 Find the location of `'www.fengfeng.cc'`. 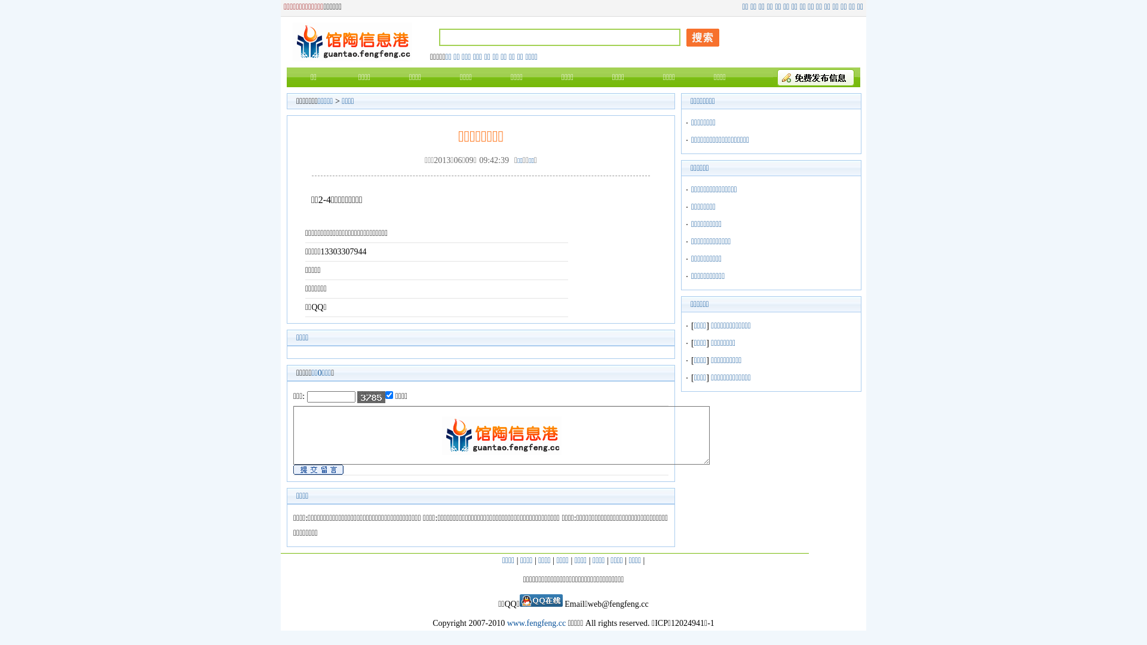

'www.fengfeng.cc' is located at coordinates (507, 622).